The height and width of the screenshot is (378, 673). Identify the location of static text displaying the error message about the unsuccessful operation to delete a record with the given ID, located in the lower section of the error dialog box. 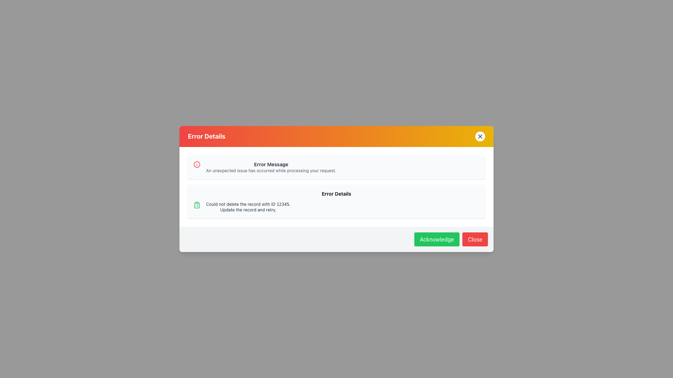
(248, 204).